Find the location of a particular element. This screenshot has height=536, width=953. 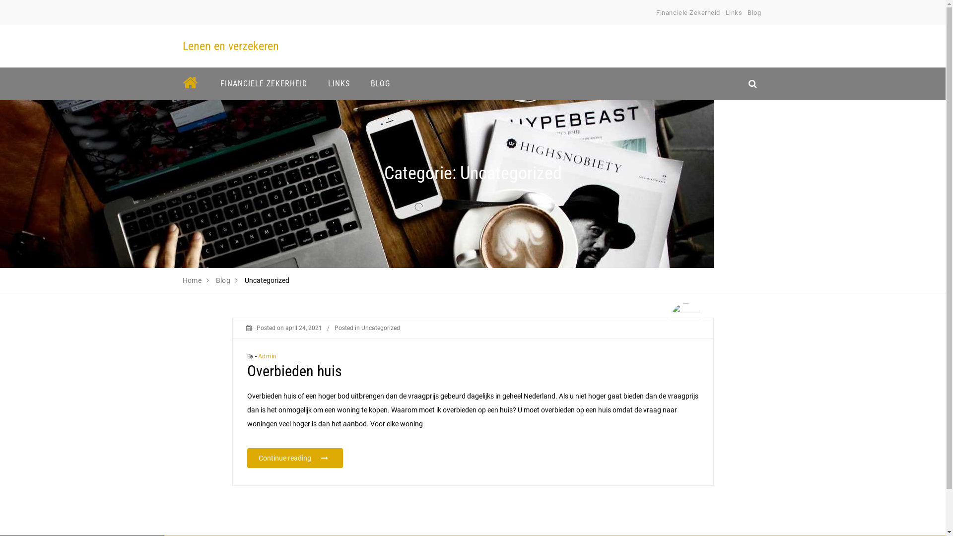

'Blog' is located at coordinates (754, 12).